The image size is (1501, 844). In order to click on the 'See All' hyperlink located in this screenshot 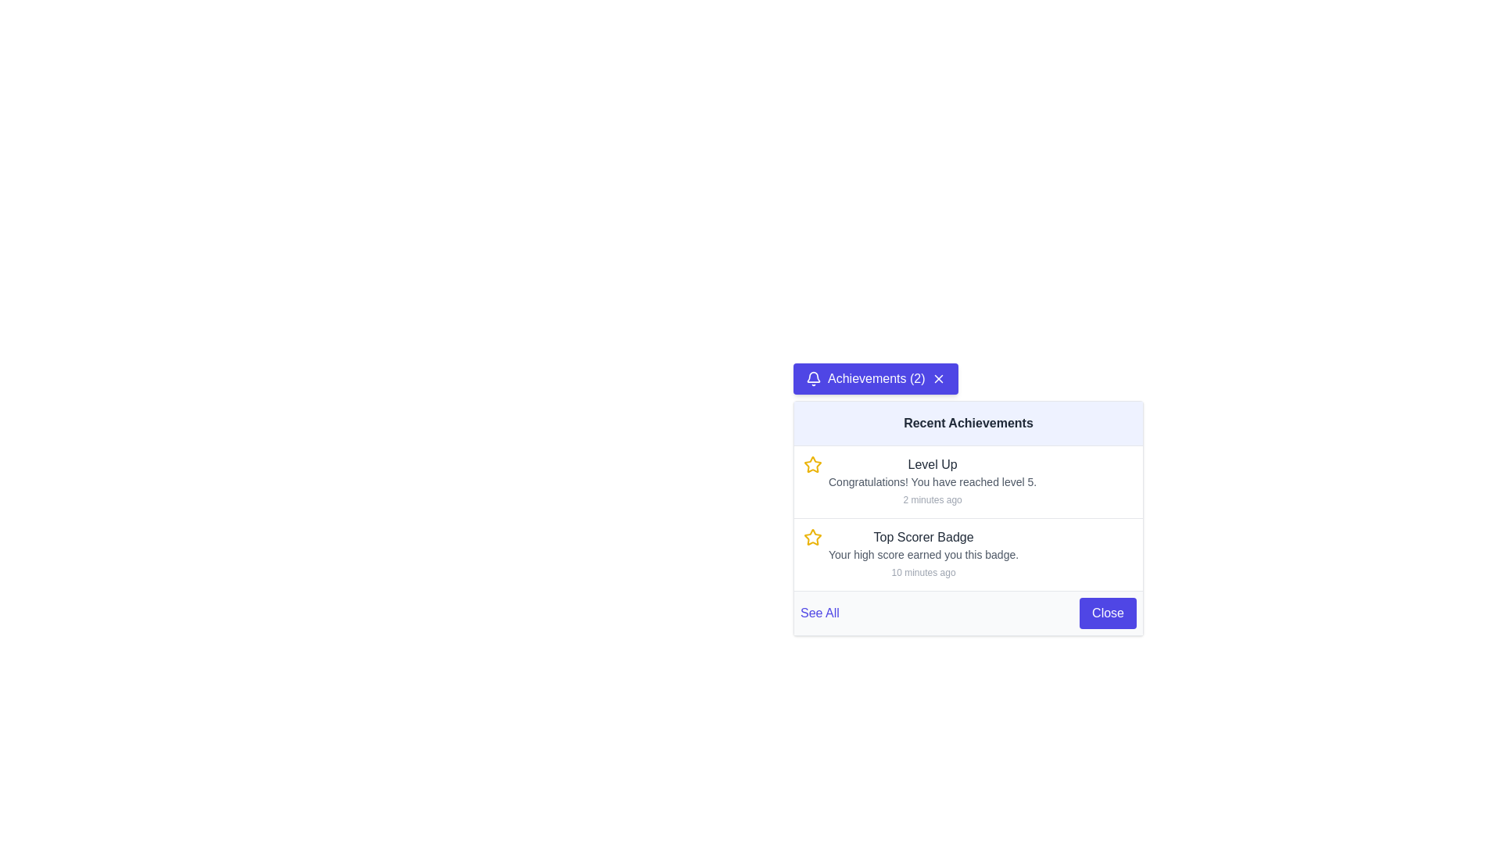, I will do `click(967, 611)`.